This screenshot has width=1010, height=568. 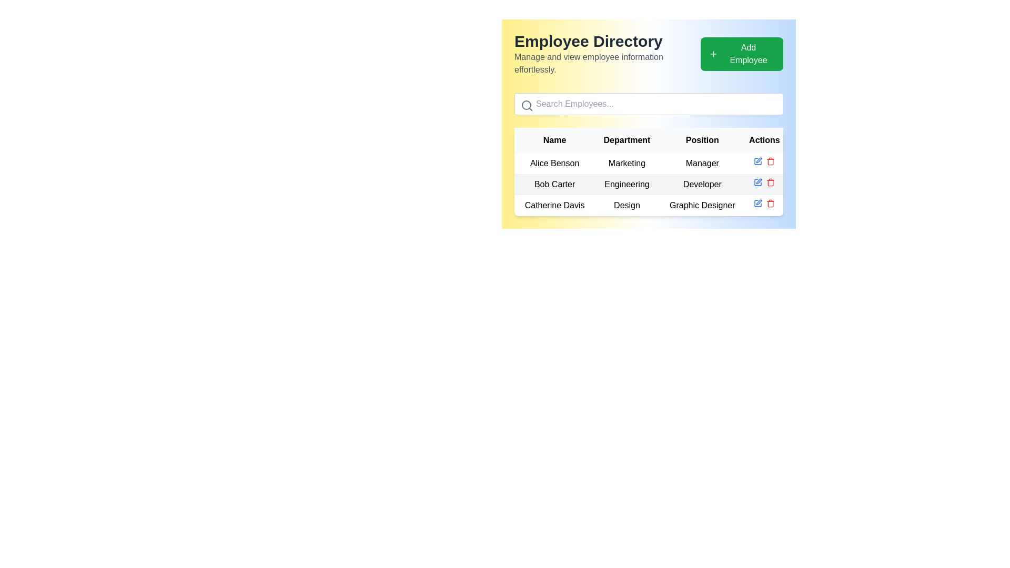 I want to click on the text label displaying 'Manage and view employee information effortlessly.' which is positioned below the 'Employee Directory' heading and within a yellow background section, so click(x=607, y=63).